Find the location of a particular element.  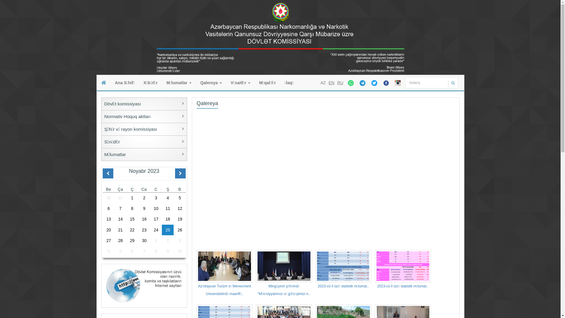

'28' is located at coordinates (120, 241).